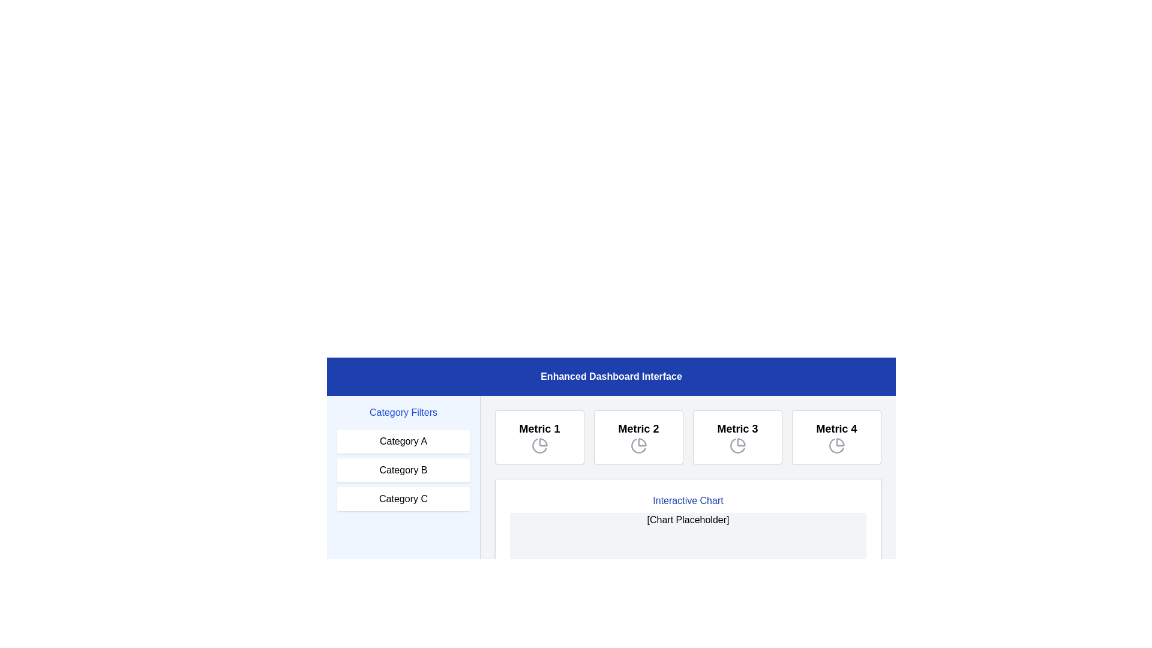  What do you see at coordinates (638, 437) in the screenshot?
I see `the Text area featuring the bold 'Metric 2' text and pie chart icon, which is the second metric element in a row of four` at bounding box center [638, 437].